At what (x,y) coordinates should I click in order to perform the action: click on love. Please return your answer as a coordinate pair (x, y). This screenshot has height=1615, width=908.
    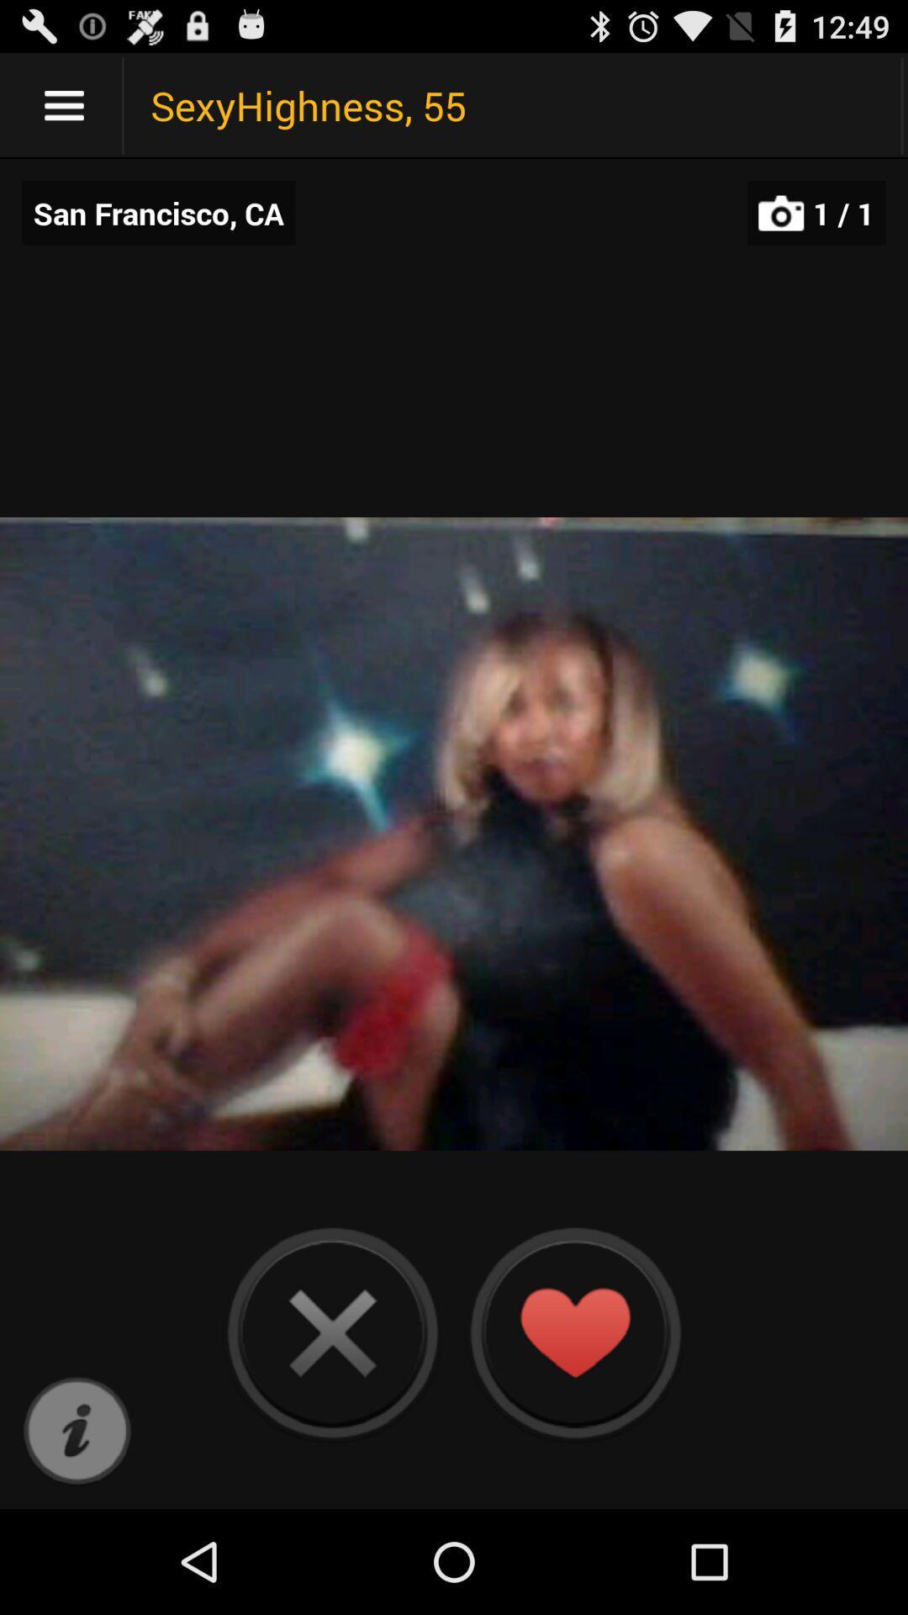
    Looking at the image, I should click on (573, 1332).